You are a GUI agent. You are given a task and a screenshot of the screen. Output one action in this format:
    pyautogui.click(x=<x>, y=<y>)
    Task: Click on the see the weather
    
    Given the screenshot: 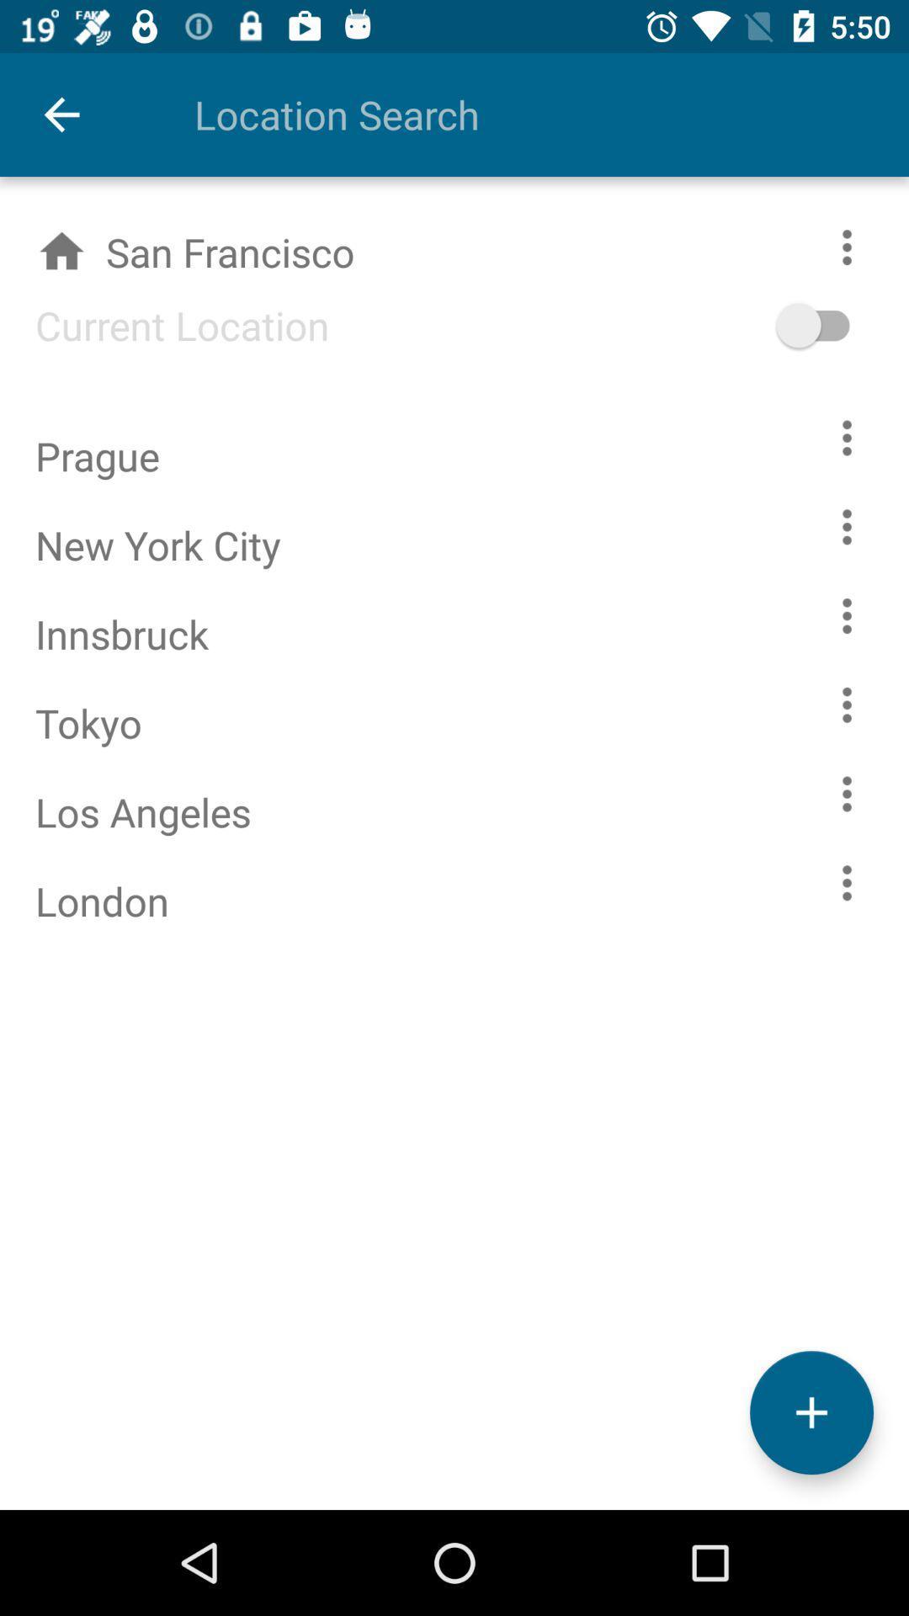 What is the action you would take?
    pyautogui.click(x=847, y=704)
    